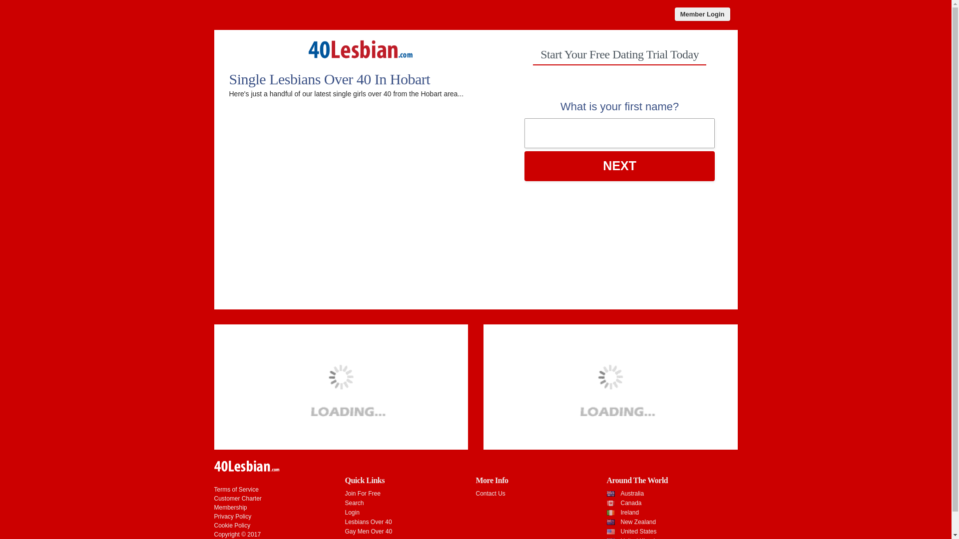  Describe the element at coordinates (637, 531) in the screenshot. I see `'United States'` at that location.